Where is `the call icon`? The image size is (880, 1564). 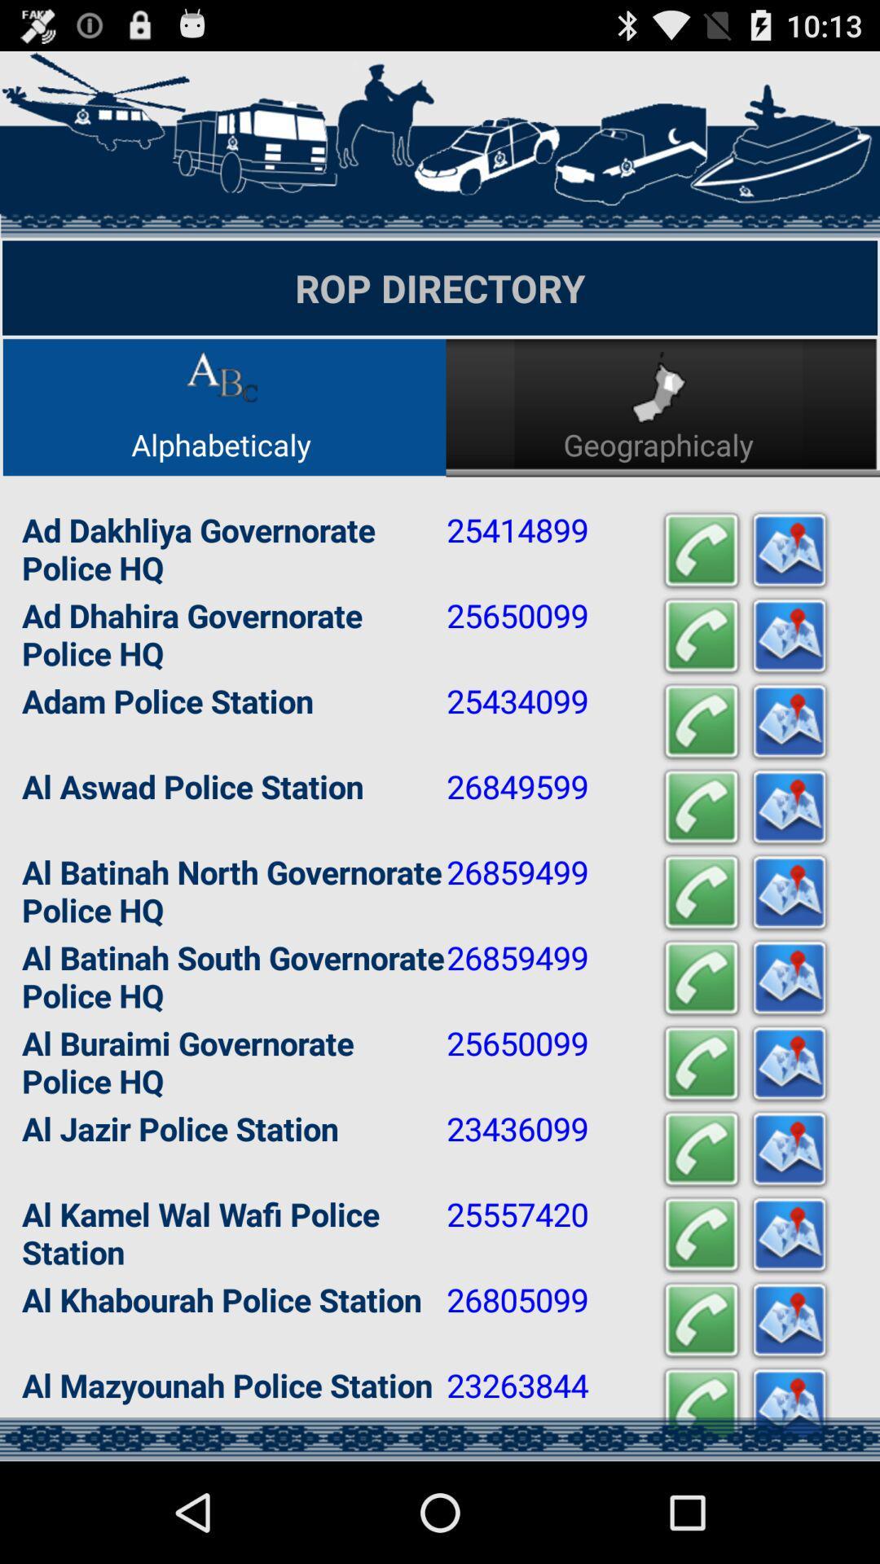 the call icon is located at coordinates (700, 589).